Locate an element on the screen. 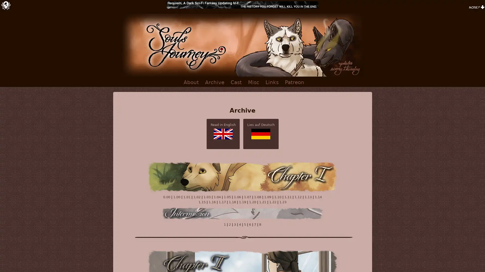  Lies auf Deutsch is located at coordinates (261, 133).